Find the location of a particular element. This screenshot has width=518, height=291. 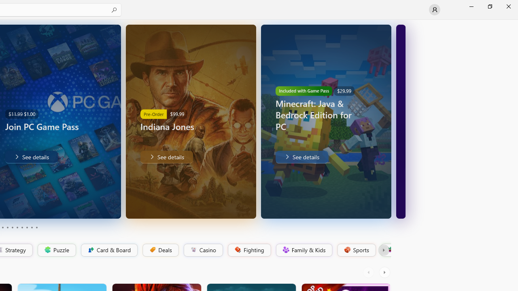

'Deals' is located at coordinates (160, 250).